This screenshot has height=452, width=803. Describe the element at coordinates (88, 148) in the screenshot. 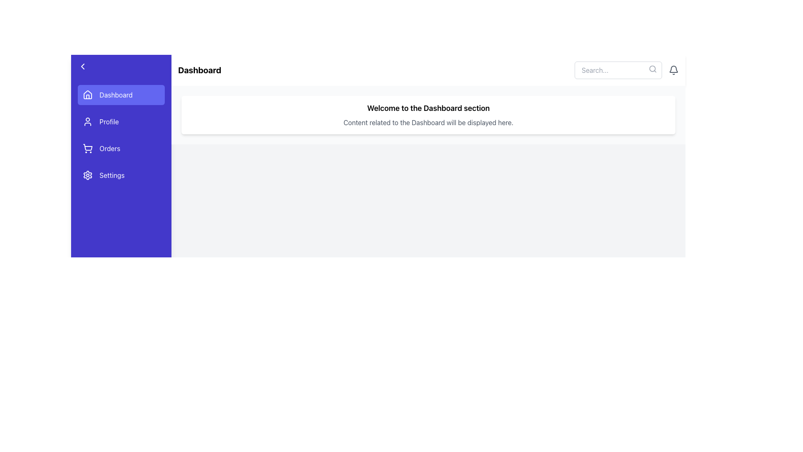

I see `the 'Orders' button icon located on the vertical navigation bar on the left side of the UI for visual guidance` at that location.